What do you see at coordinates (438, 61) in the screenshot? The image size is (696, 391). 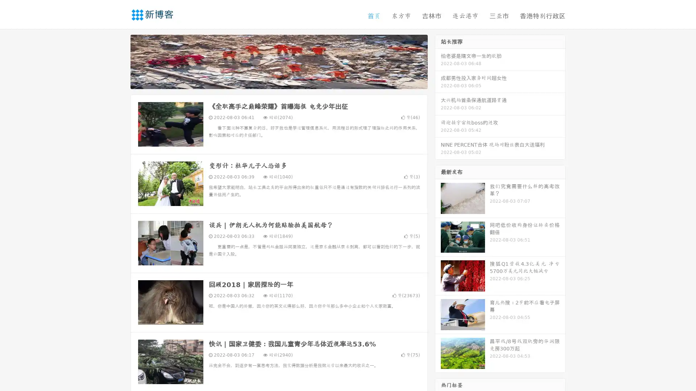 I see `Next slide` at bounding box center [438, 61].